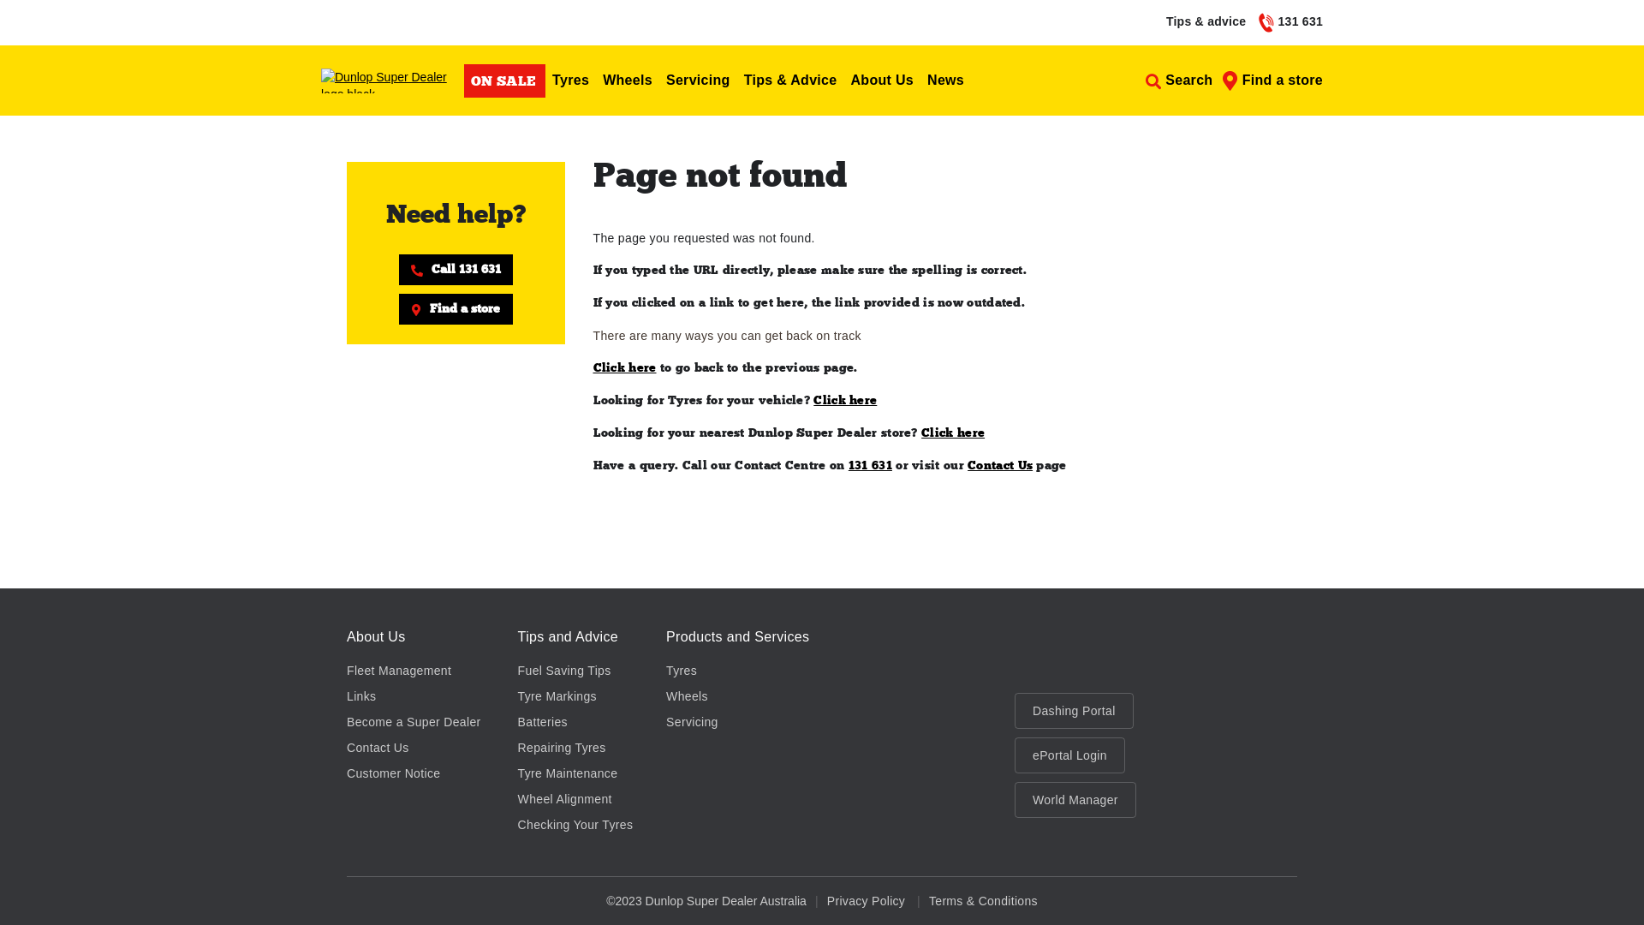  I want to click on 'Dunlop Super Dealer logo black', so click(391, 81).